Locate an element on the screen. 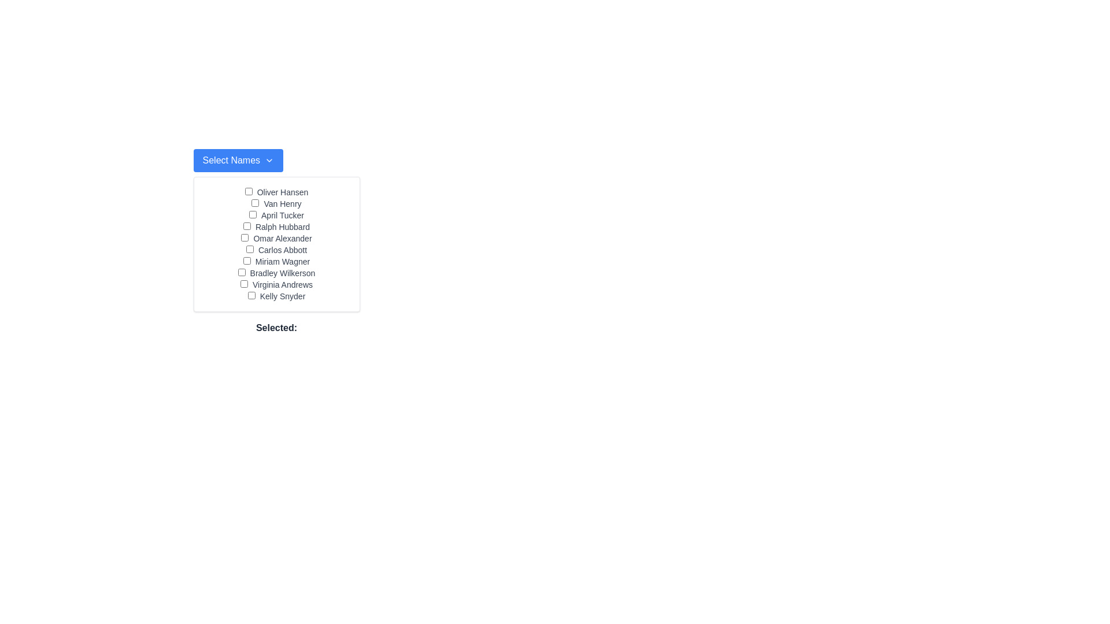 This screenshot has width=1110, height=624. the label associated with the checkbox, which is the 8th entry in a vertical list of names, located below the 'Select Names' dropdown and immediately following 'Miriam Wagner' is located at coordinates (276, 273).